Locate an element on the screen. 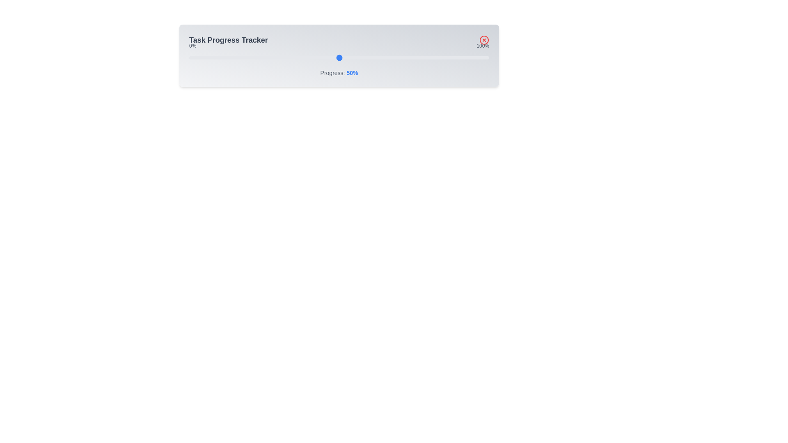 The width and height of the screenshot is (788, 443). the slider is located at coordinates (318, 57).